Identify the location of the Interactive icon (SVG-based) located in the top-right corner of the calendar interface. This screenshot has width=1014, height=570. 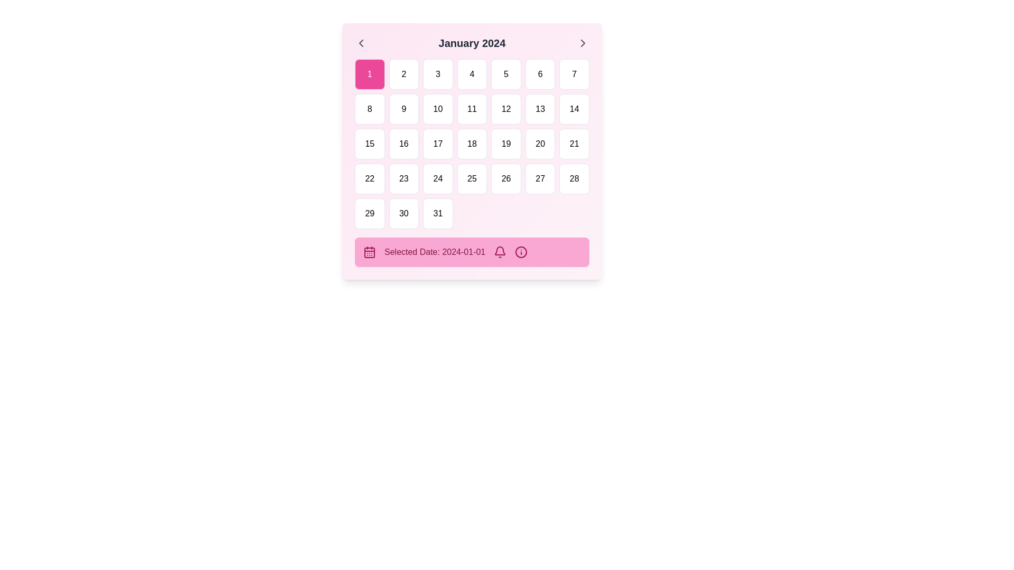
(583, 42).